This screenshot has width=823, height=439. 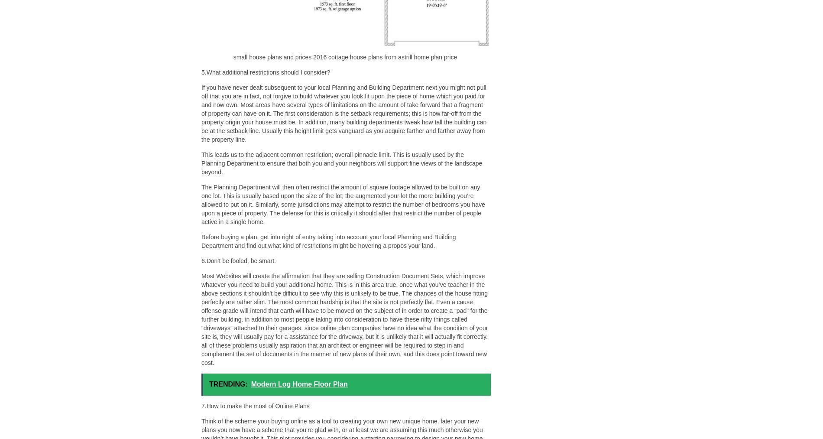 What do you see at coordinates (239, 261) in the screenshot?
I see `'6.Don’t be fooled, be smart.'` at bounding box center [239, 261].